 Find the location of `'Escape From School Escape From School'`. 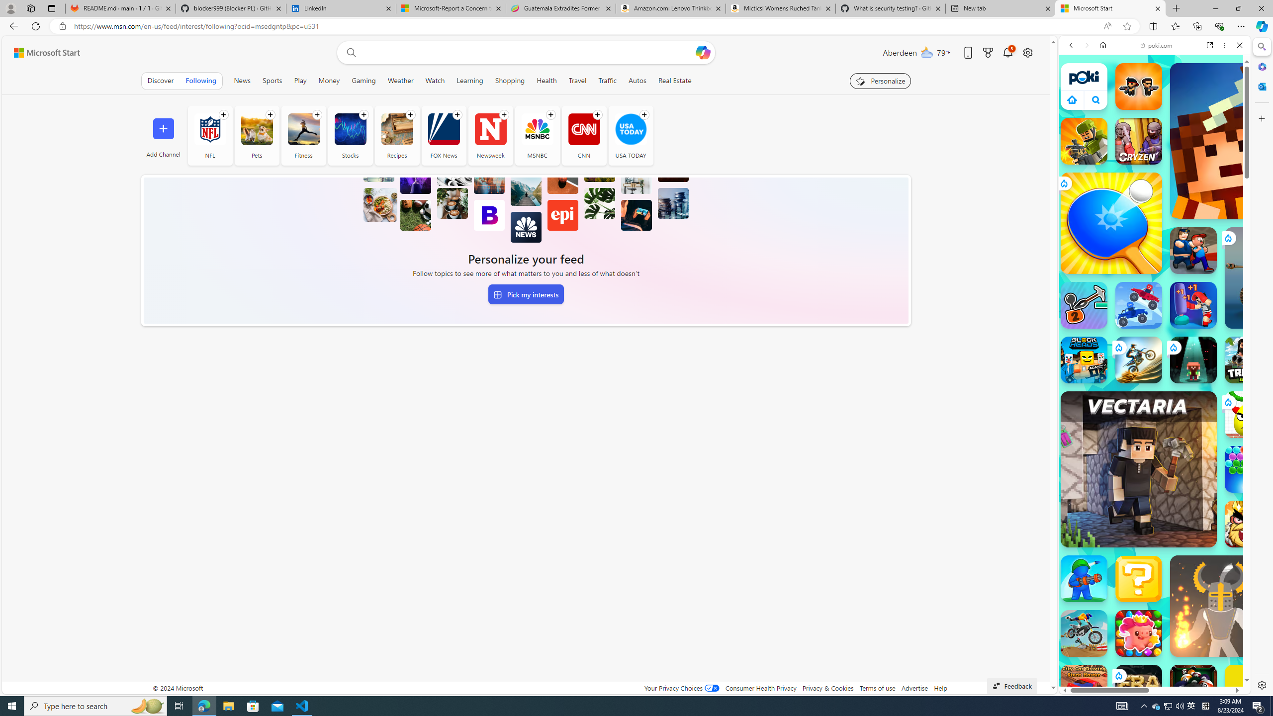

'Escape From School Escape From School' is located at coordinates (1193, 250).